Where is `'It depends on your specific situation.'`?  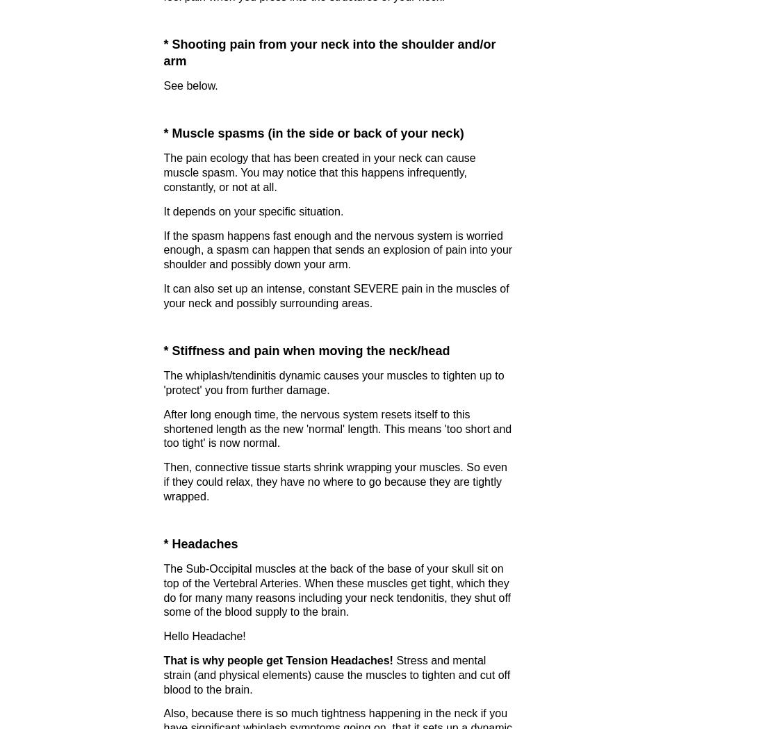 'It depends on your specific situation.' is located at coordinates (253, 211).